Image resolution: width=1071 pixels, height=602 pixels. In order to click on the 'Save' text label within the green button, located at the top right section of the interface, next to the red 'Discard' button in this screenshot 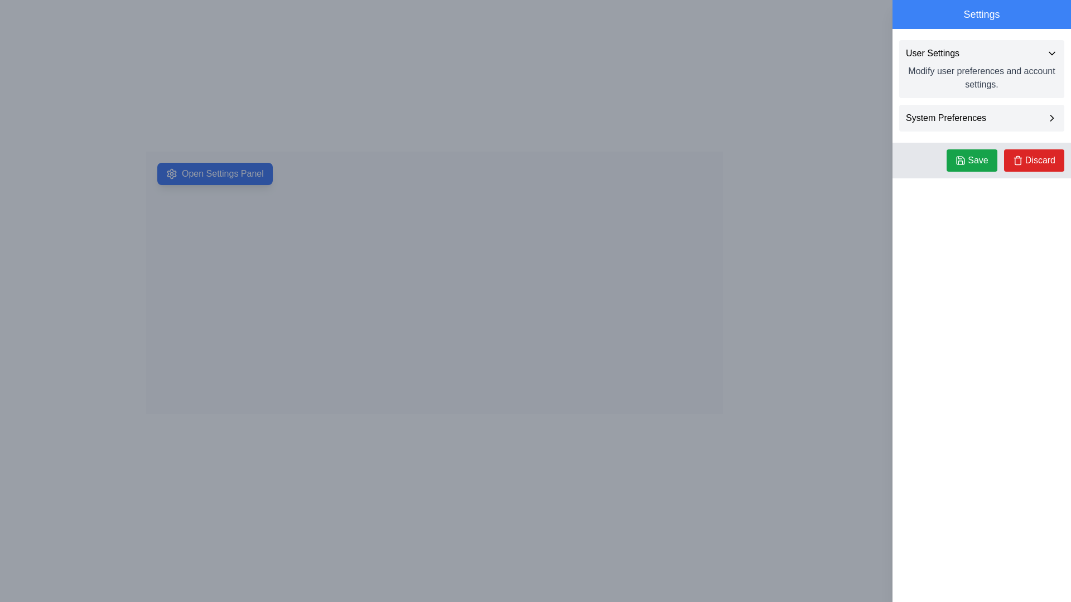, I will do `click(977, 161)`.